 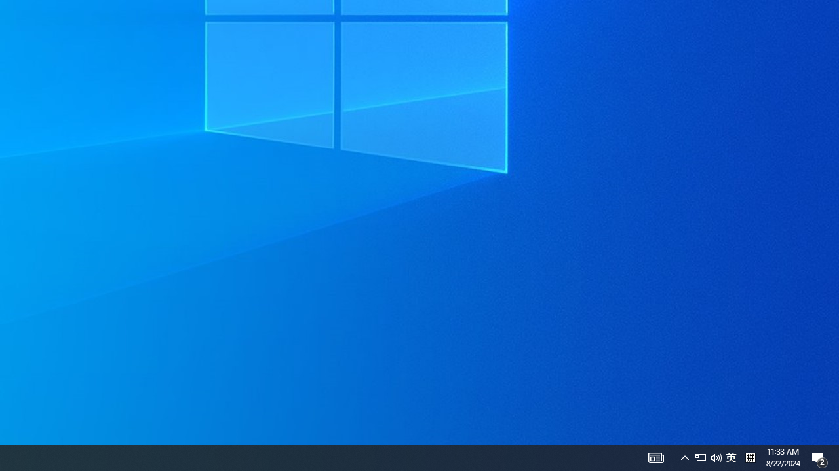 I want to click on 'Q2790: 100%', so click(x=730, y=457).